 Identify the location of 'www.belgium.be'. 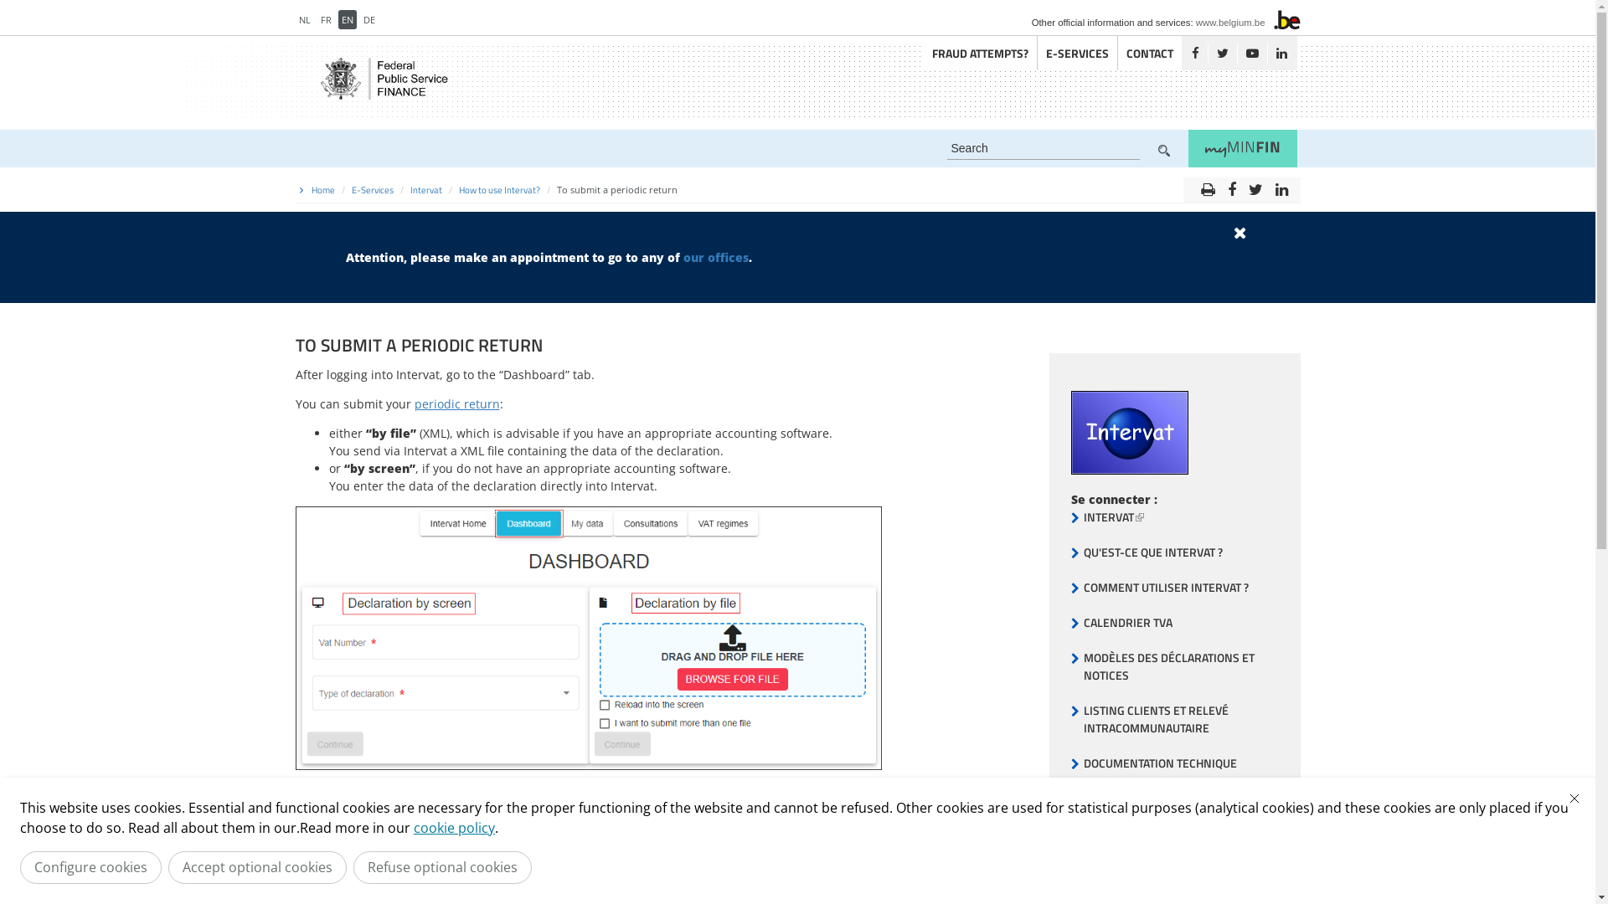
(1230, 23).